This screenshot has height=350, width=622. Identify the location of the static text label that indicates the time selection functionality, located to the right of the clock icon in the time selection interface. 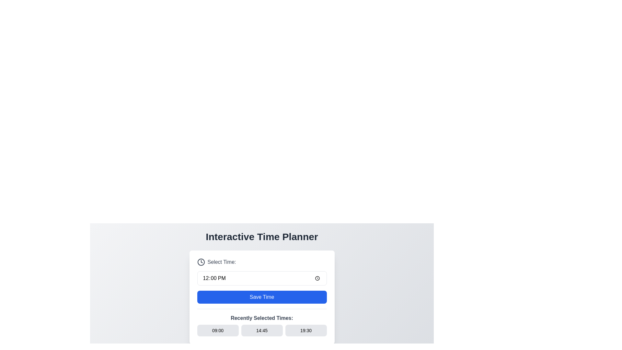
(222, 262).